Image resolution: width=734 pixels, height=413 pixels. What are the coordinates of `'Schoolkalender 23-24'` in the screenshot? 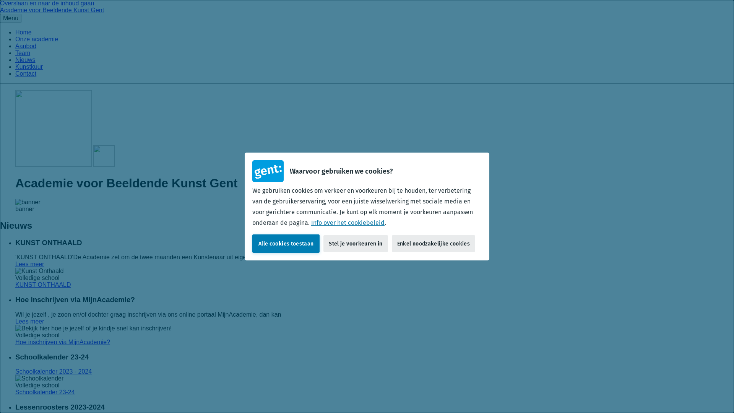 It's located at (45, 392).